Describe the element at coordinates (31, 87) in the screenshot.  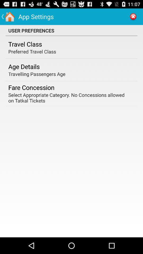
I see `the fare concession` at that location.